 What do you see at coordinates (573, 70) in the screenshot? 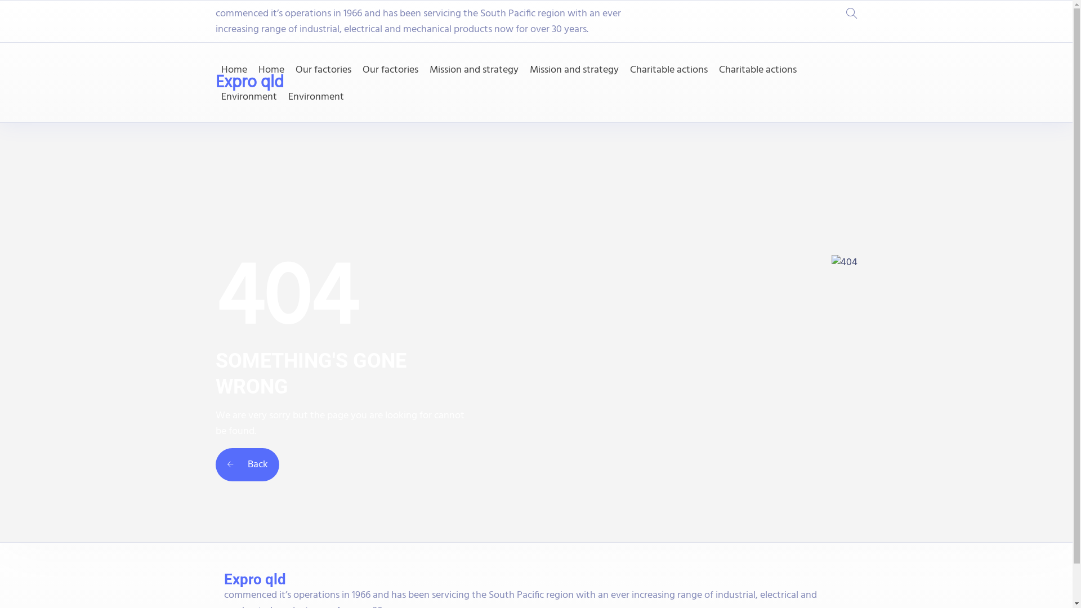
I see `'Mission and strategy'` at bounding box center [573, 70].